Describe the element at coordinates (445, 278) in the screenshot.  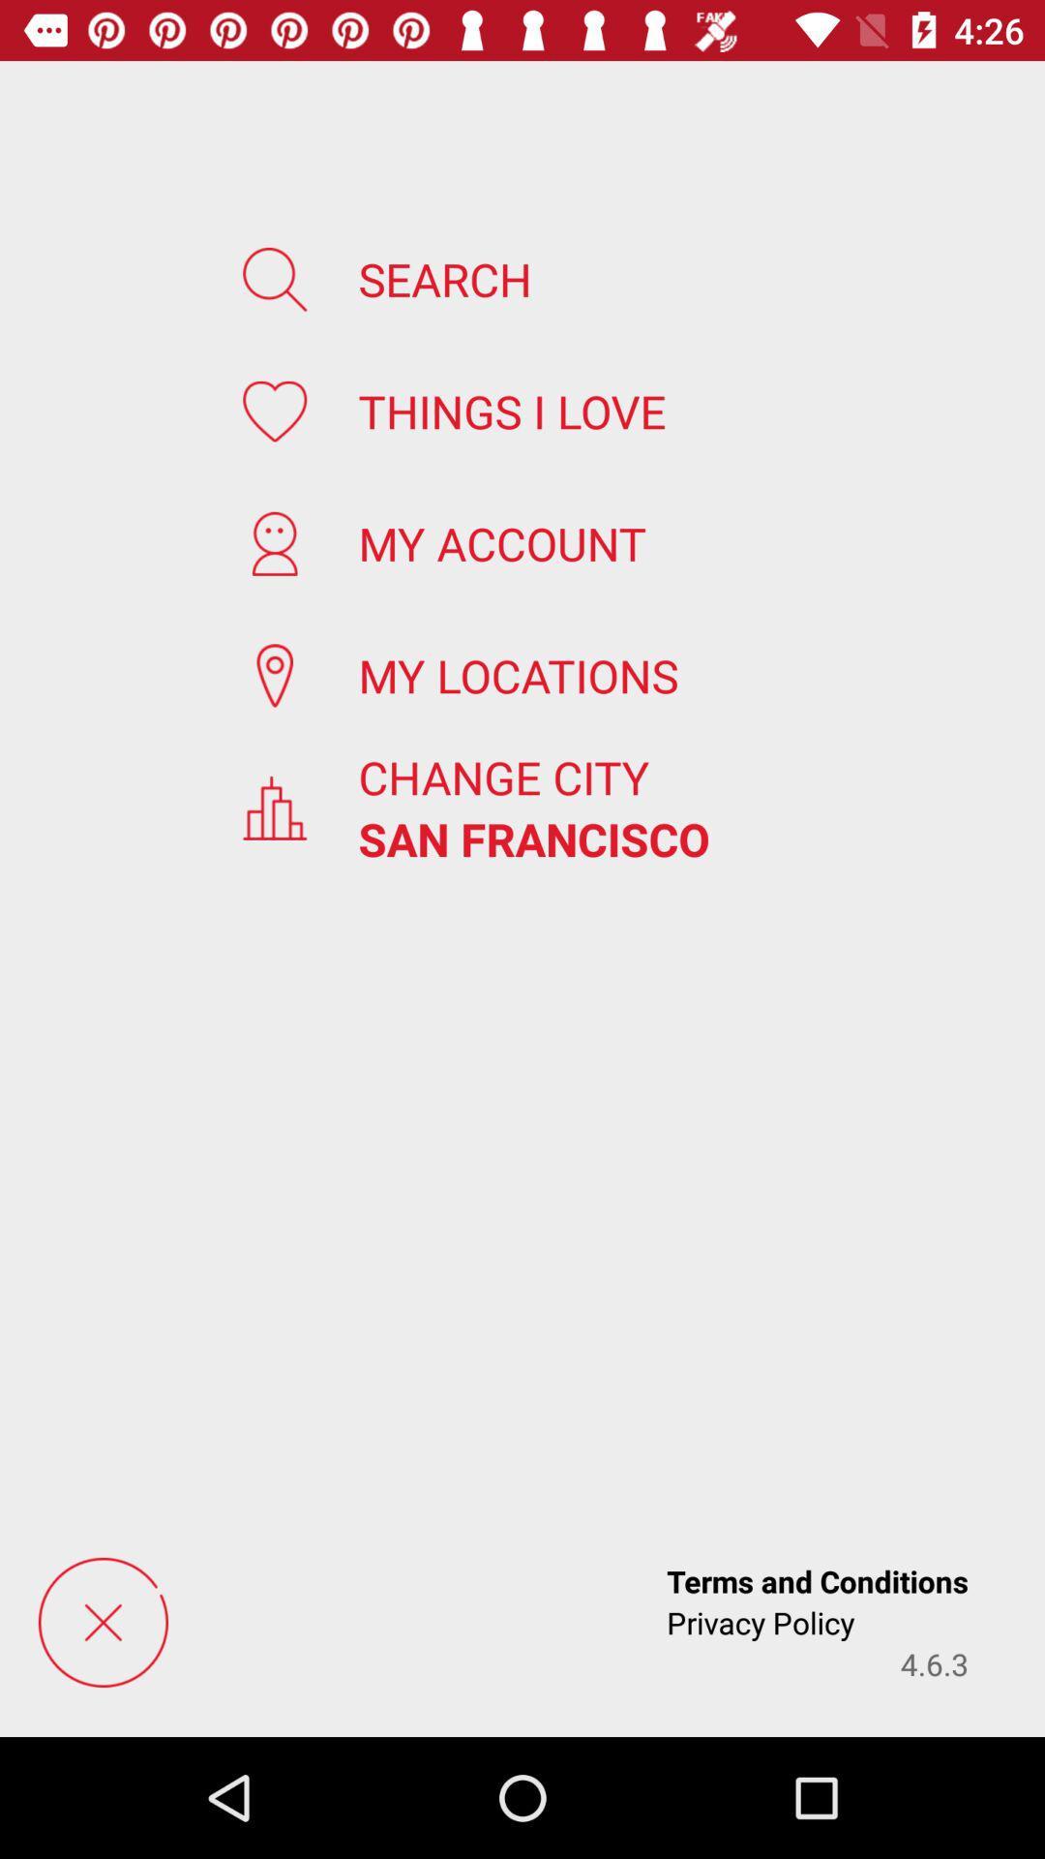
I see `search` at that location.